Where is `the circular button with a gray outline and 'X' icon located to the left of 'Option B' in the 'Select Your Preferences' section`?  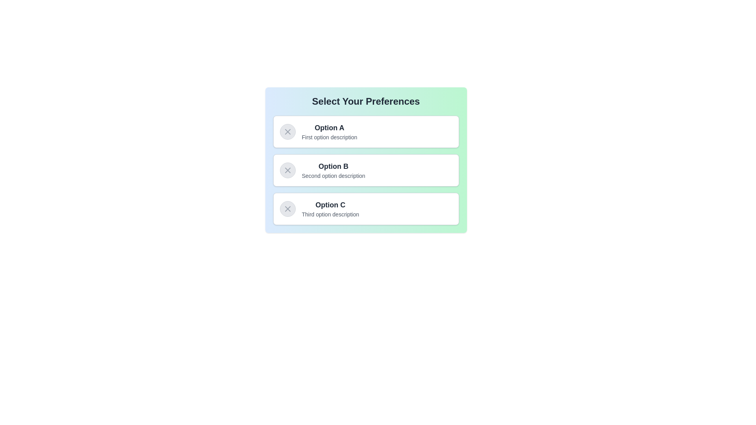 the circular button with a gray outline and 'X' icon located to the left of 'Option B' in the 'Select Your Preferences' section is located at coordinates (287, 170).